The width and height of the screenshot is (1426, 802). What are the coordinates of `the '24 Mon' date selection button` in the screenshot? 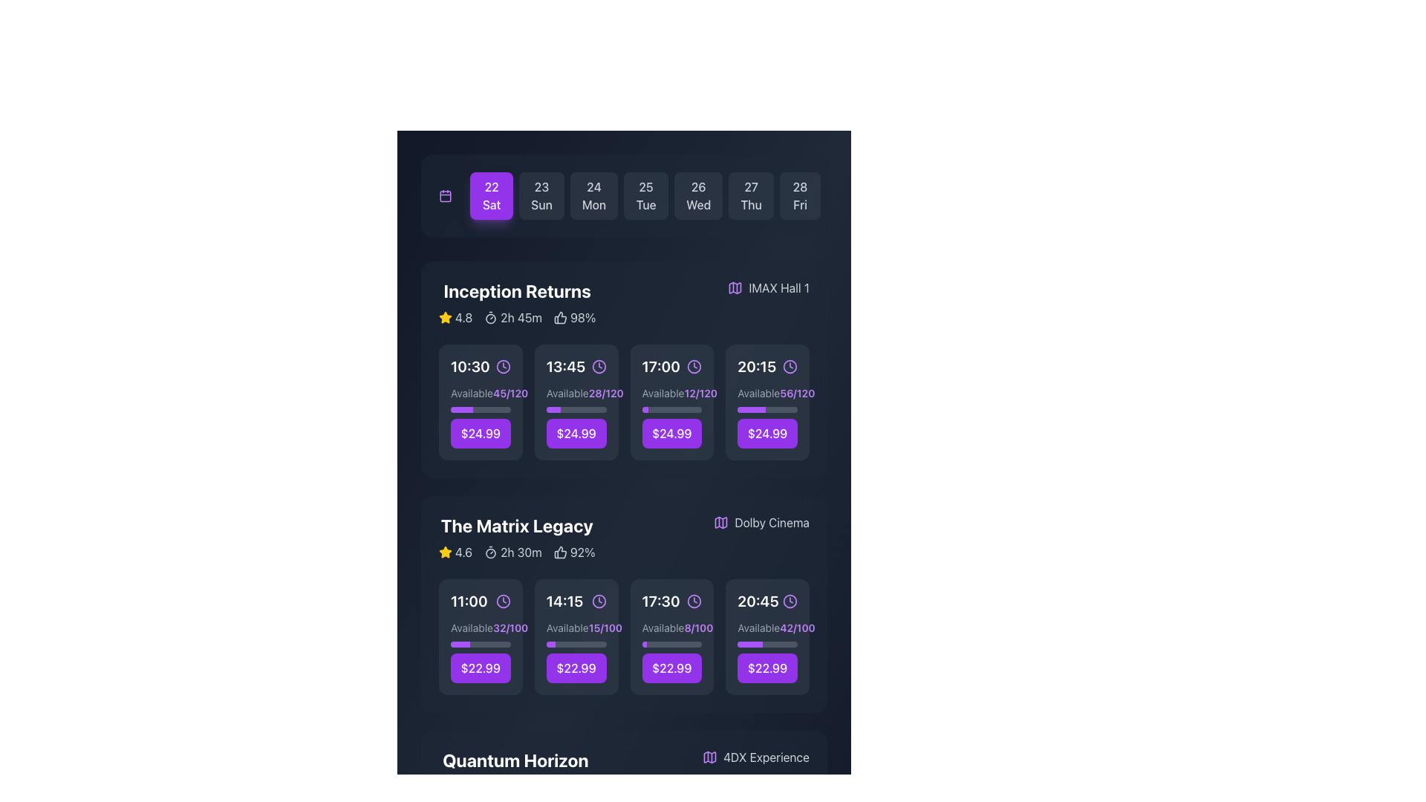 It's located at (594, 195).